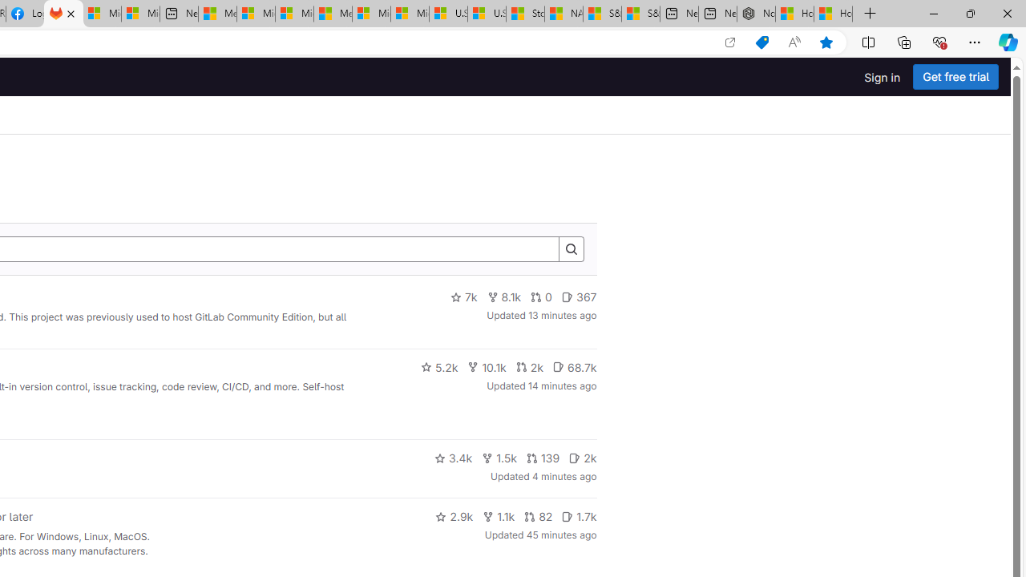  Describe the element at coordinates (578, 297) in the screenshot. I see `'367'` at that location.